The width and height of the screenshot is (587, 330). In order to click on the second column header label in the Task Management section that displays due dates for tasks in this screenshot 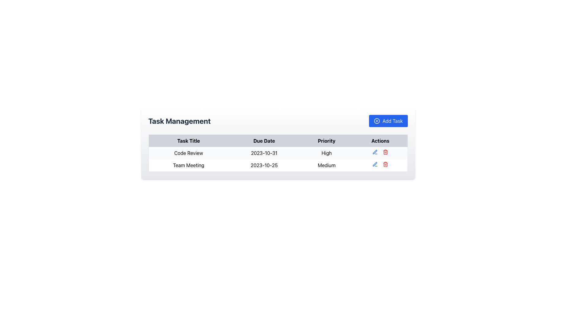, I will do `click(264, 141)`.